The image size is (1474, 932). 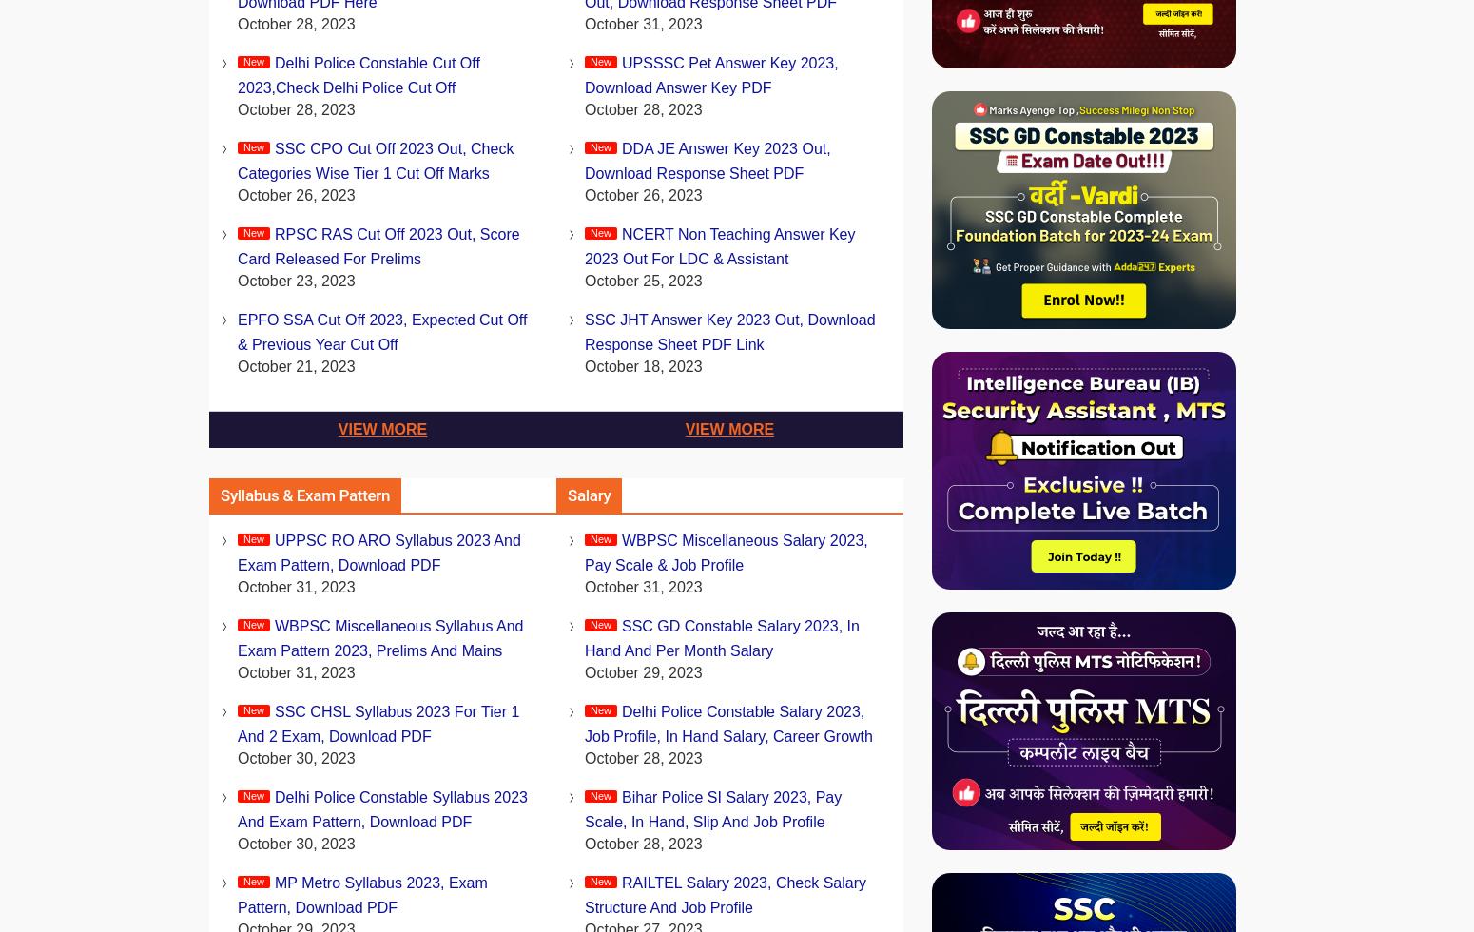 I want to click on 'EPFO SSA Cut Off 2023, Expected Cut Off & Previous Year Cut Off', so click(x=382, y=332).